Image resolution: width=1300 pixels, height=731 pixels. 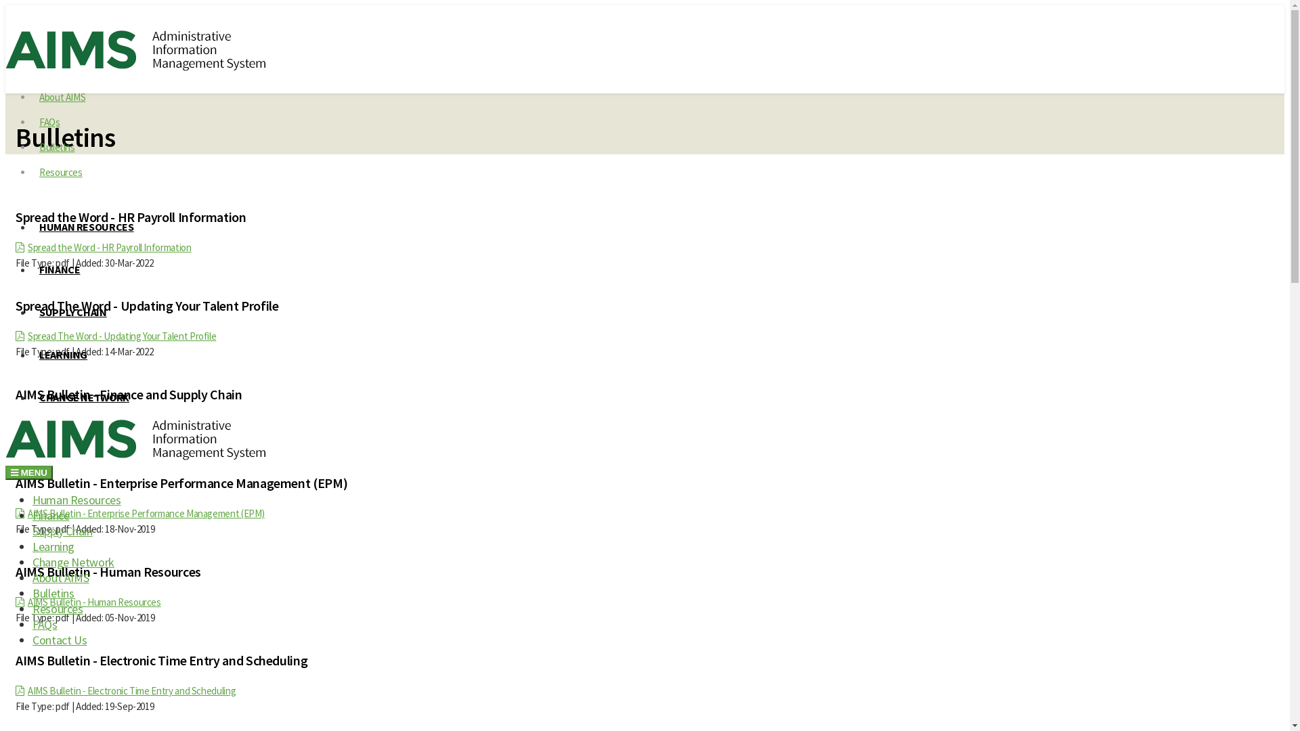 What do you see at coordinates (45, 624) in the screenshot?
I see `'FAQs'` at bounding box center [45, 624].